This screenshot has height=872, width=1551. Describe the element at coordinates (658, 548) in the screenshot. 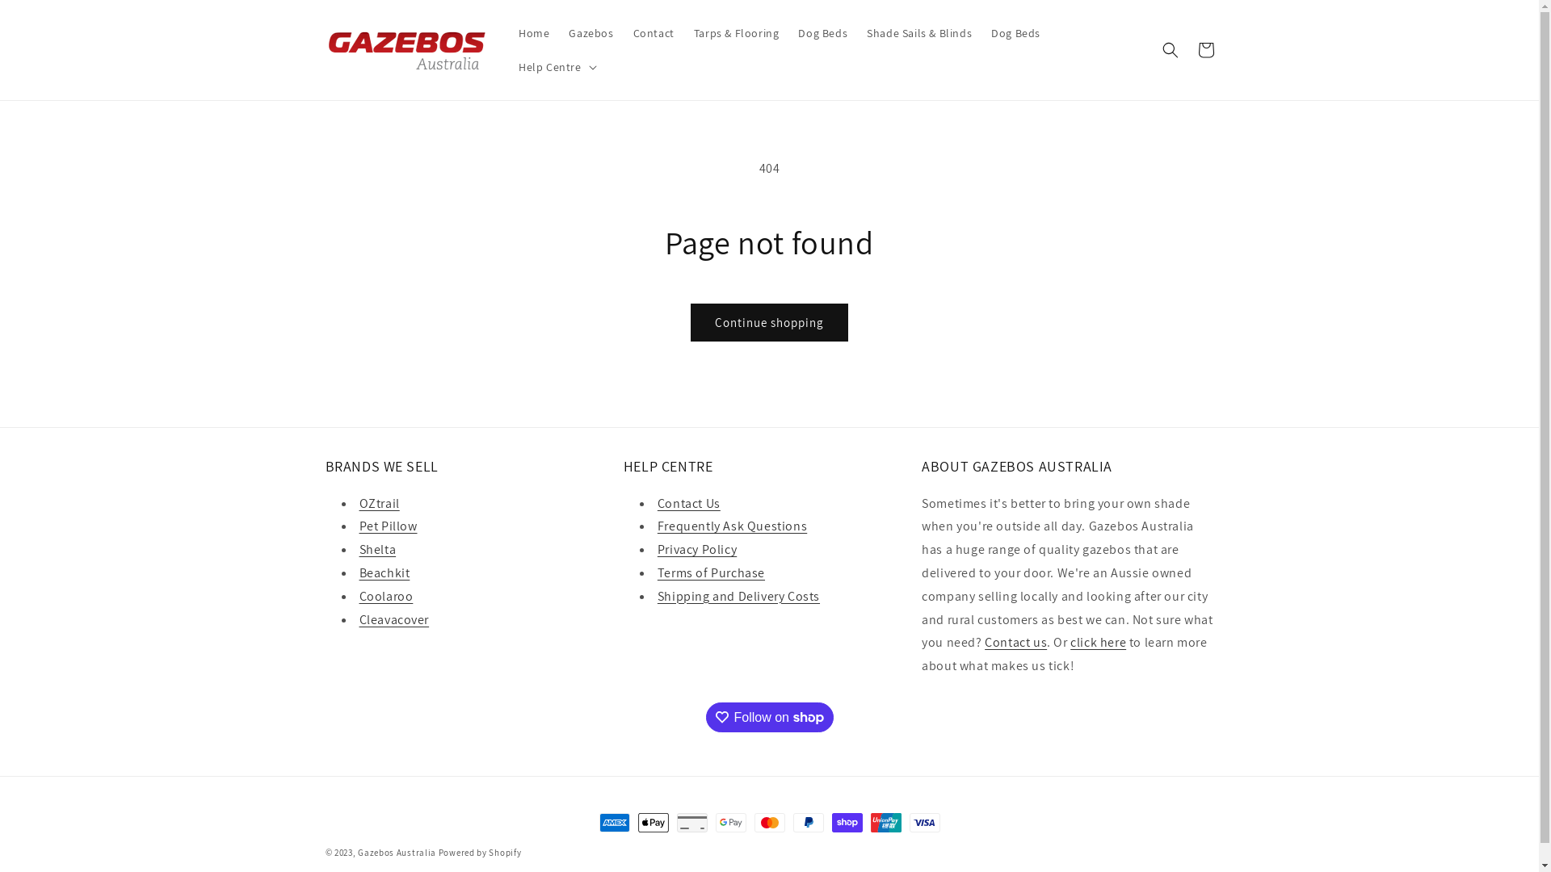

I see `'Privacy Policy'` at that location.